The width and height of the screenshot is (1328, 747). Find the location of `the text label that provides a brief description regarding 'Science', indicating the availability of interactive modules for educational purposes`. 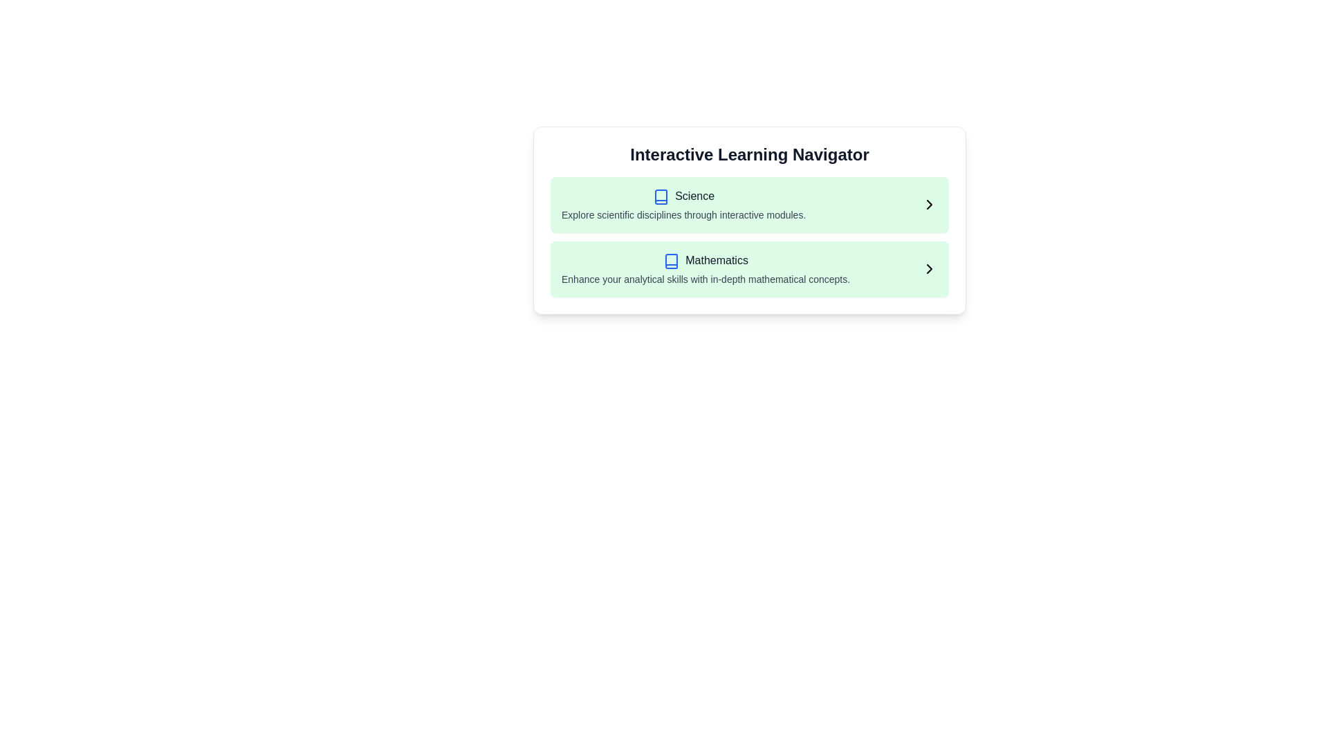

the text label that provides a brief description regarding 'Science', indicating the availability of interactive modules for educational purposes is located at coordinates (683, 214).